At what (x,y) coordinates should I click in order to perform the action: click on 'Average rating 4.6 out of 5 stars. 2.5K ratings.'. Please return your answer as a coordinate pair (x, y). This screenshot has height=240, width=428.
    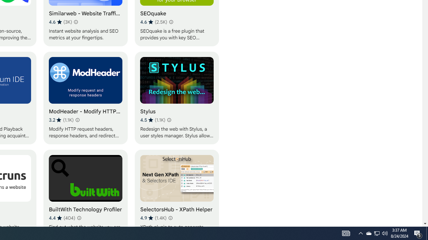
    Looking at the image, I should click on (153, 22).